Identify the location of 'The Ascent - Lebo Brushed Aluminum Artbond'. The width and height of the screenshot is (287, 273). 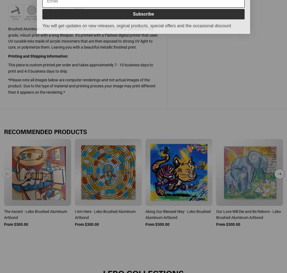
(35, 214).